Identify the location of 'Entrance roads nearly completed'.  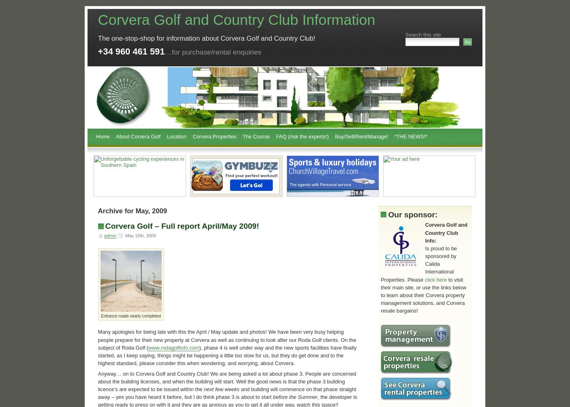
(131, 316).